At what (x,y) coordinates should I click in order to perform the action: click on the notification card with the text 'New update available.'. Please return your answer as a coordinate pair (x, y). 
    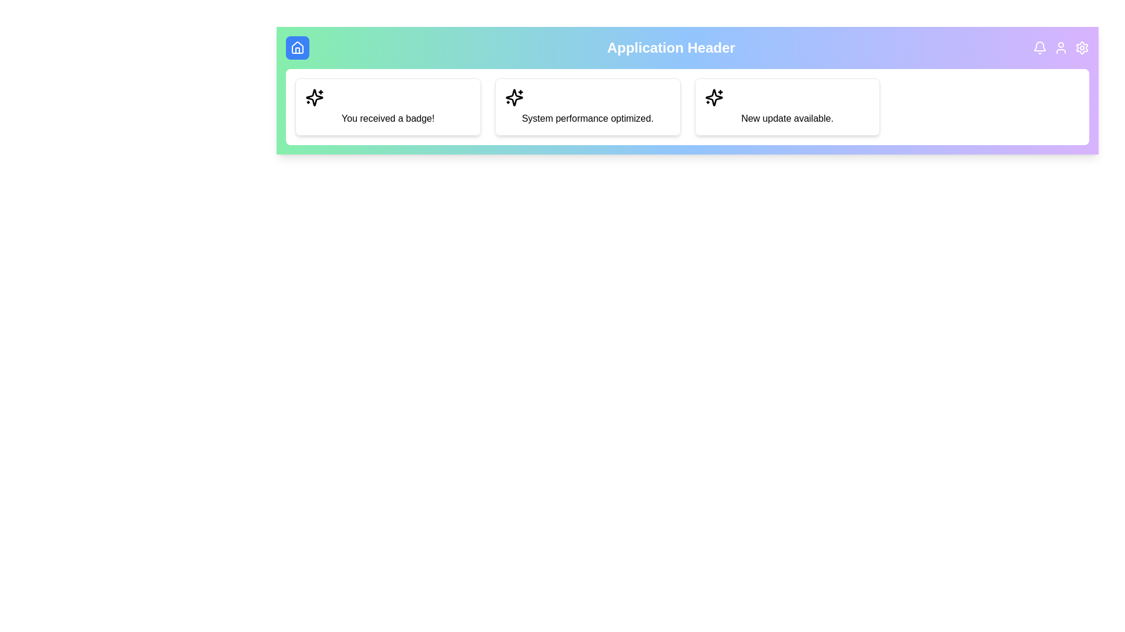
    Looking at the image, I should click on (787, 107).